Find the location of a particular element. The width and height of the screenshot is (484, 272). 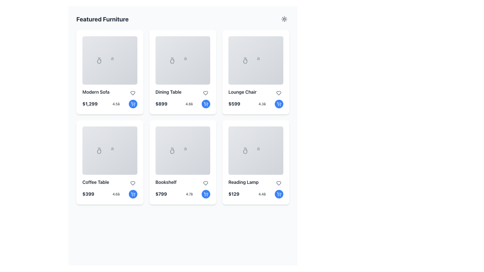

the decorative image area of the 'Bookshelf' product card, which is centrally positioned in the second row and third column is located at coordinates (183, 150).